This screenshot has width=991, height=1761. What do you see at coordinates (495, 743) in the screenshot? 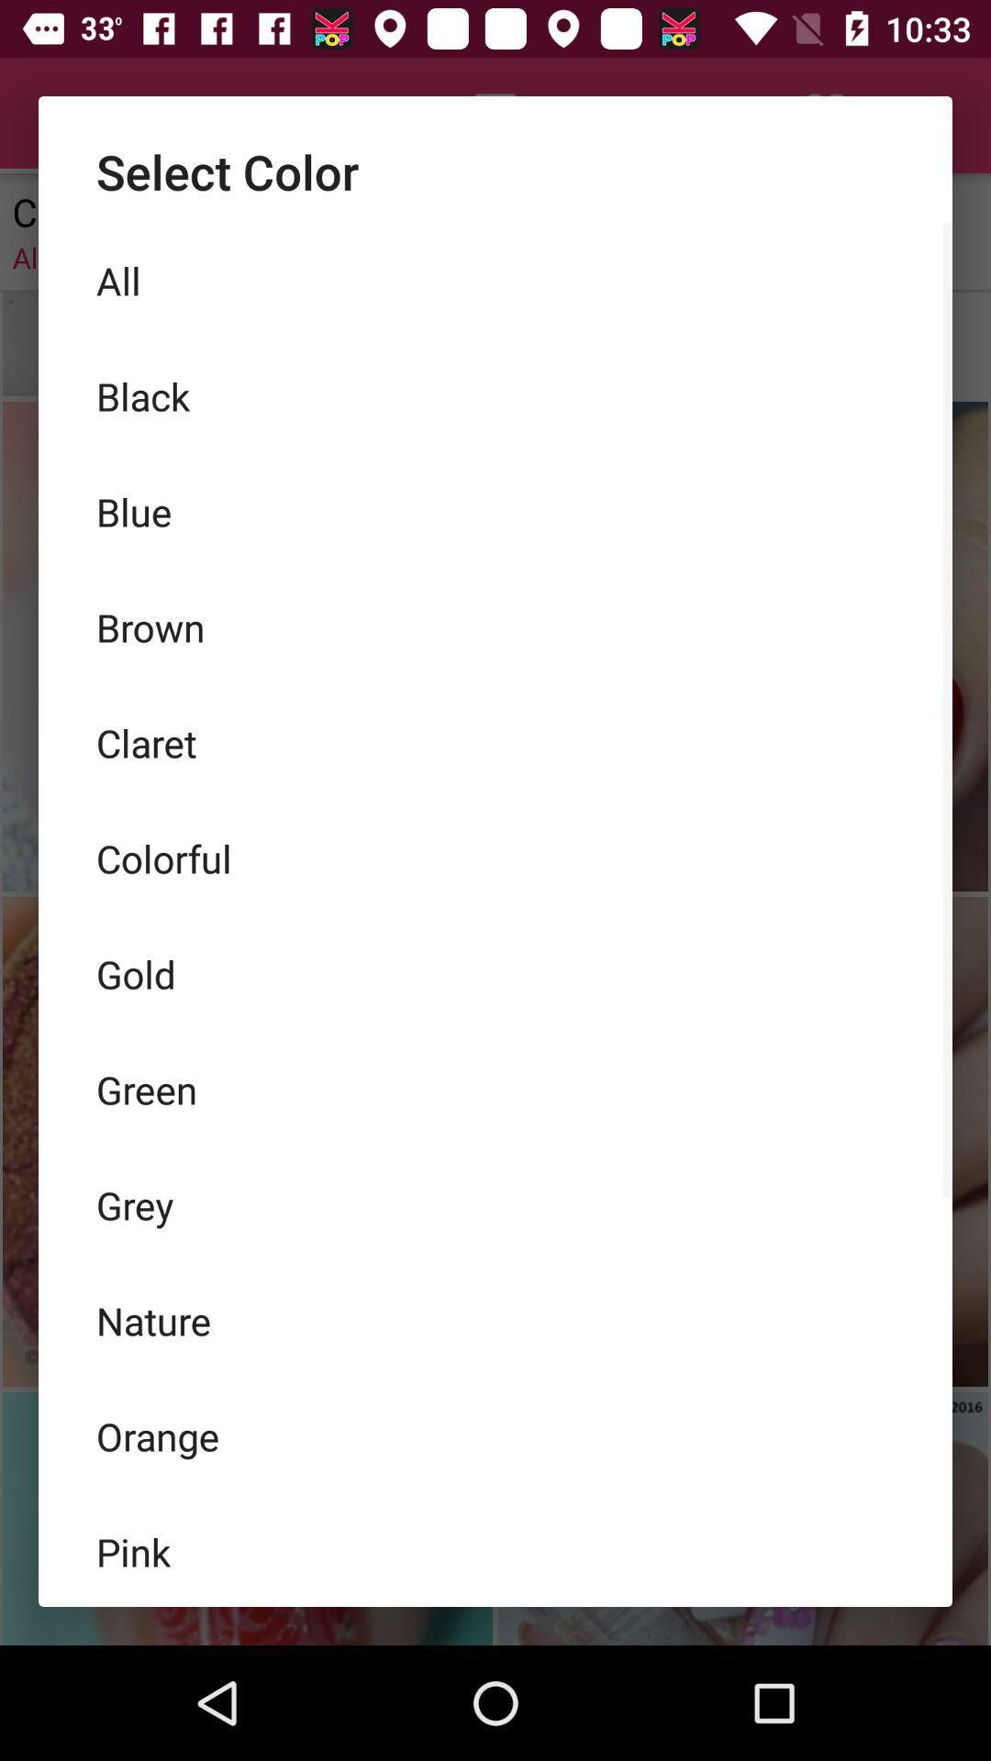
I see `the claret` at bounding box center [495, 743].